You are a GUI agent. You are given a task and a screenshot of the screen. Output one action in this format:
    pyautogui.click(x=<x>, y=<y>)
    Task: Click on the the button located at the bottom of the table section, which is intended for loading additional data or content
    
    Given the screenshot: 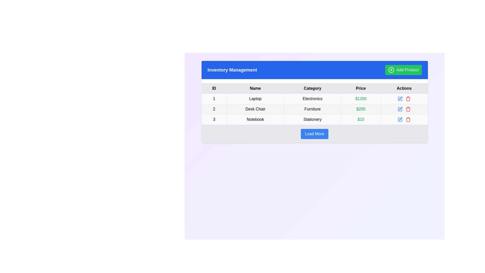 What is the action you would take?
    pyautogui.click(x=314, y=133)
    